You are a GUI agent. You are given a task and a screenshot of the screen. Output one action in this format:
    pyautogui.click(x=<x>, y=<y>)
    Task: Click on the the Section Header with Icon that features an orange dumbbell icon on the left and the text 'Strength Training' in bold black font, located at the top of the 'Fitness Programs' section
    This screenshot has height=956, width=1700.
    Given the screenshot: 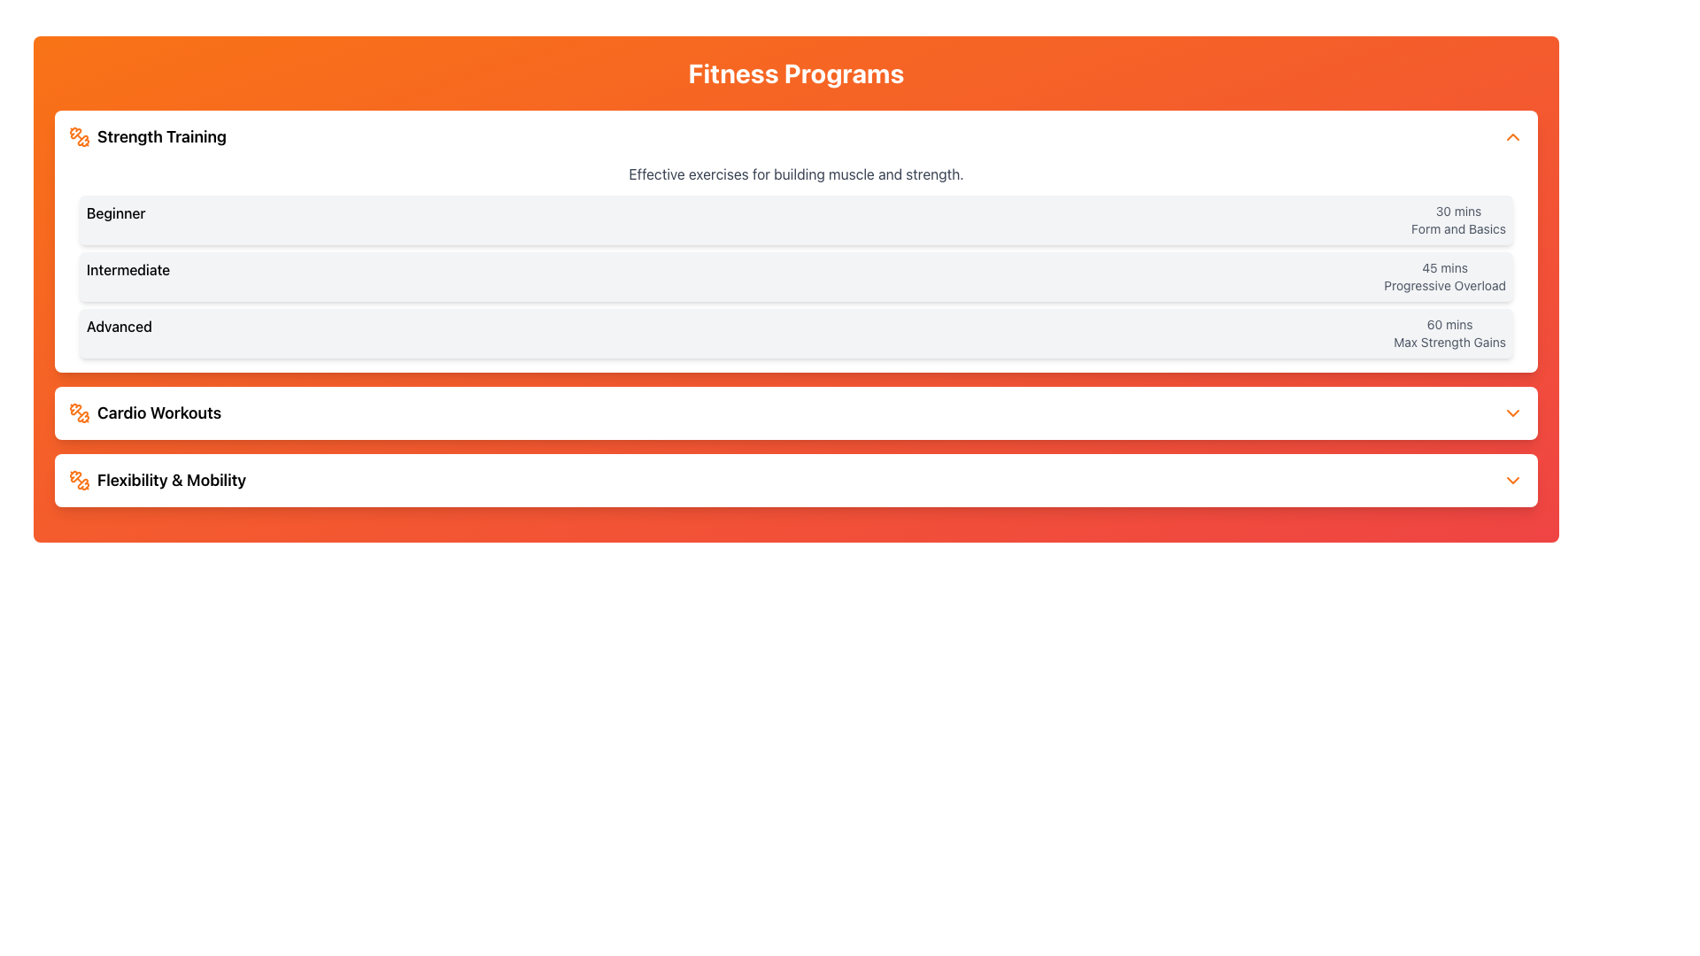 What is the action you would take?
    pyautogui.click(x=148, y=135)
    